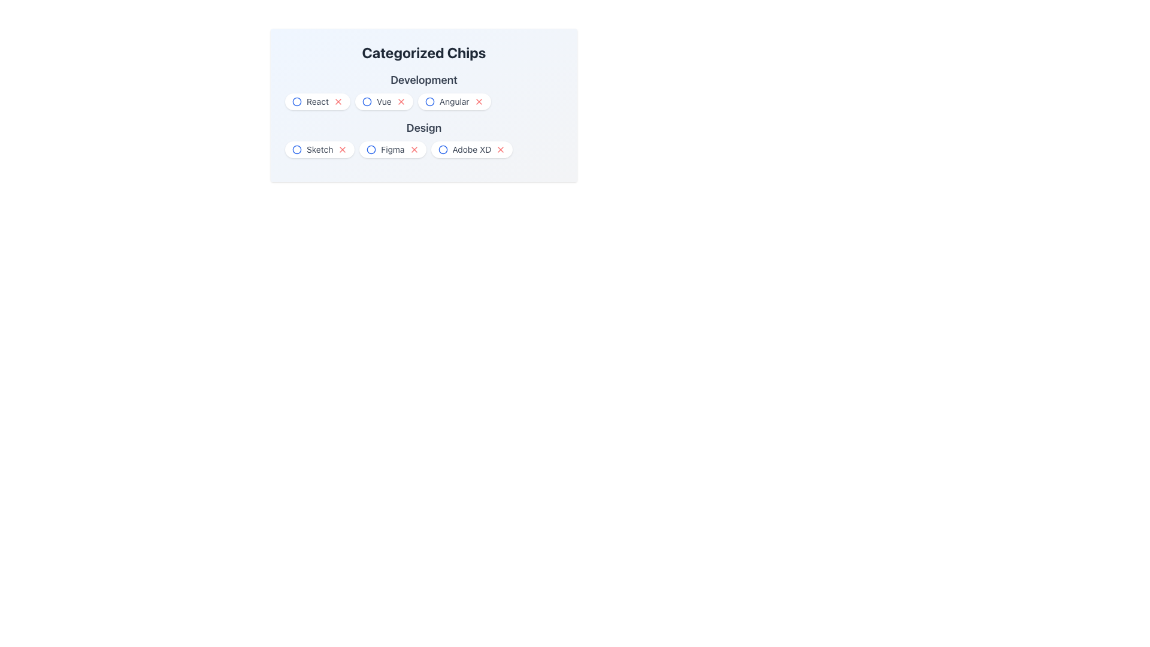 Image resolution: width=1150 pixels, height=647 pixels. What do you see at coordinates (317, 101) in the screenshot?
I see `the interactive chip labeled 'React', which contains a radio button and a close icon` at bounding box center [317, 101].